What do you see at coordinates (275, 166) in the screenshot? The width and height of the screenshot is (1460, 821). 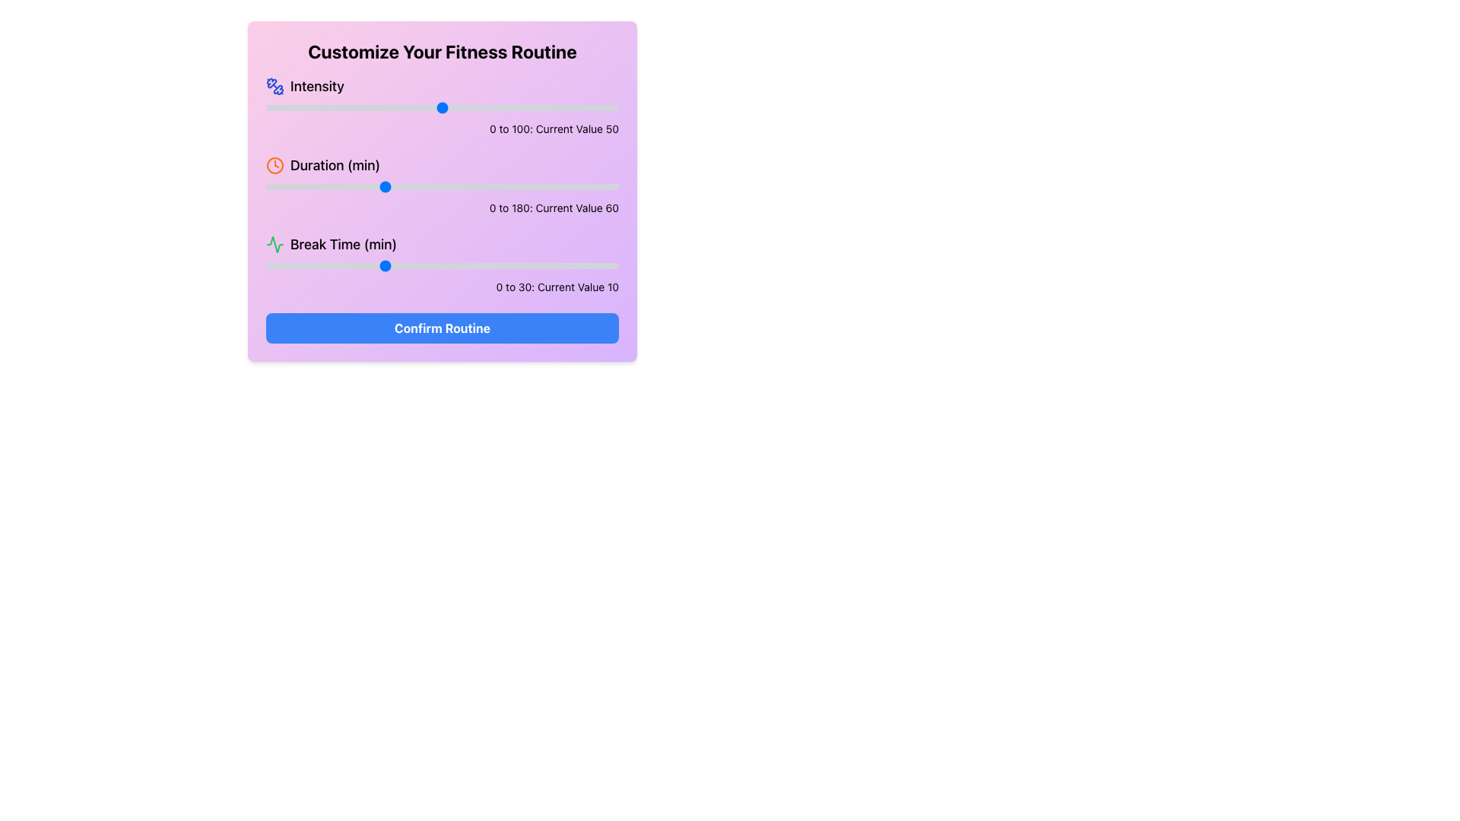 I see `the clock icon with an orange border located in the 'Customize Your Fitness Routine' section, adjacent to 'Duration (min)'` at bounding box center [275, 166].